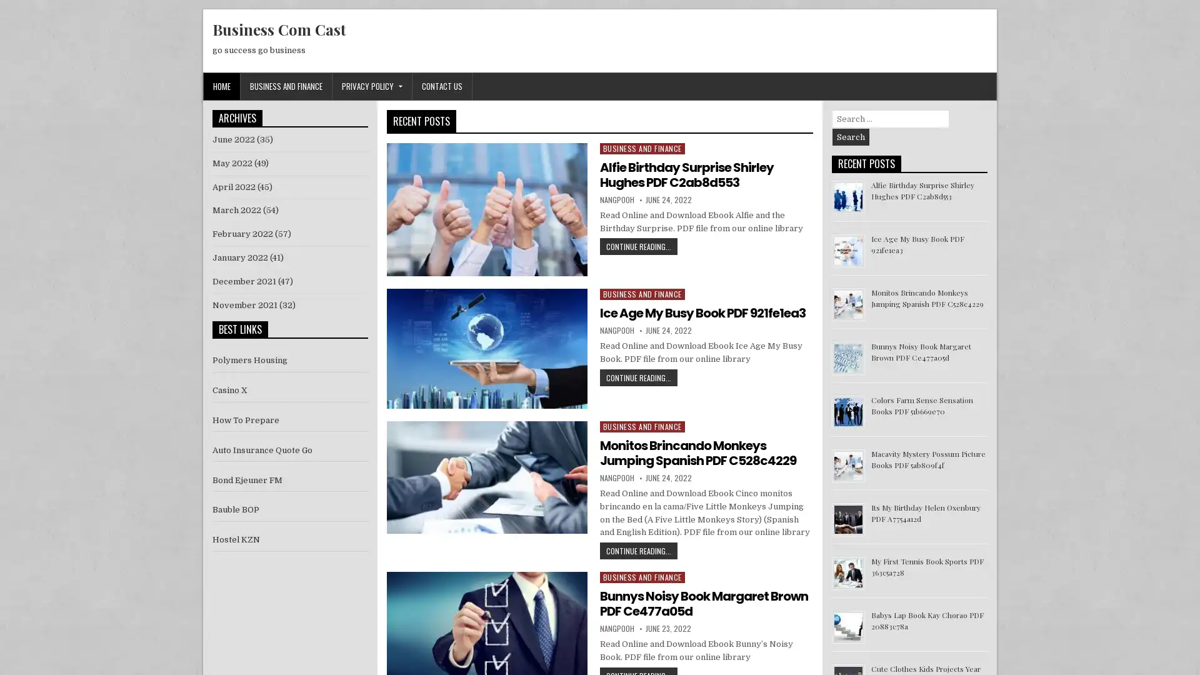 The image size is (1200, 675). What do you see at coordinates (850, 137) in the screenshot?
I see `Search` at bounding box center [850, 137].